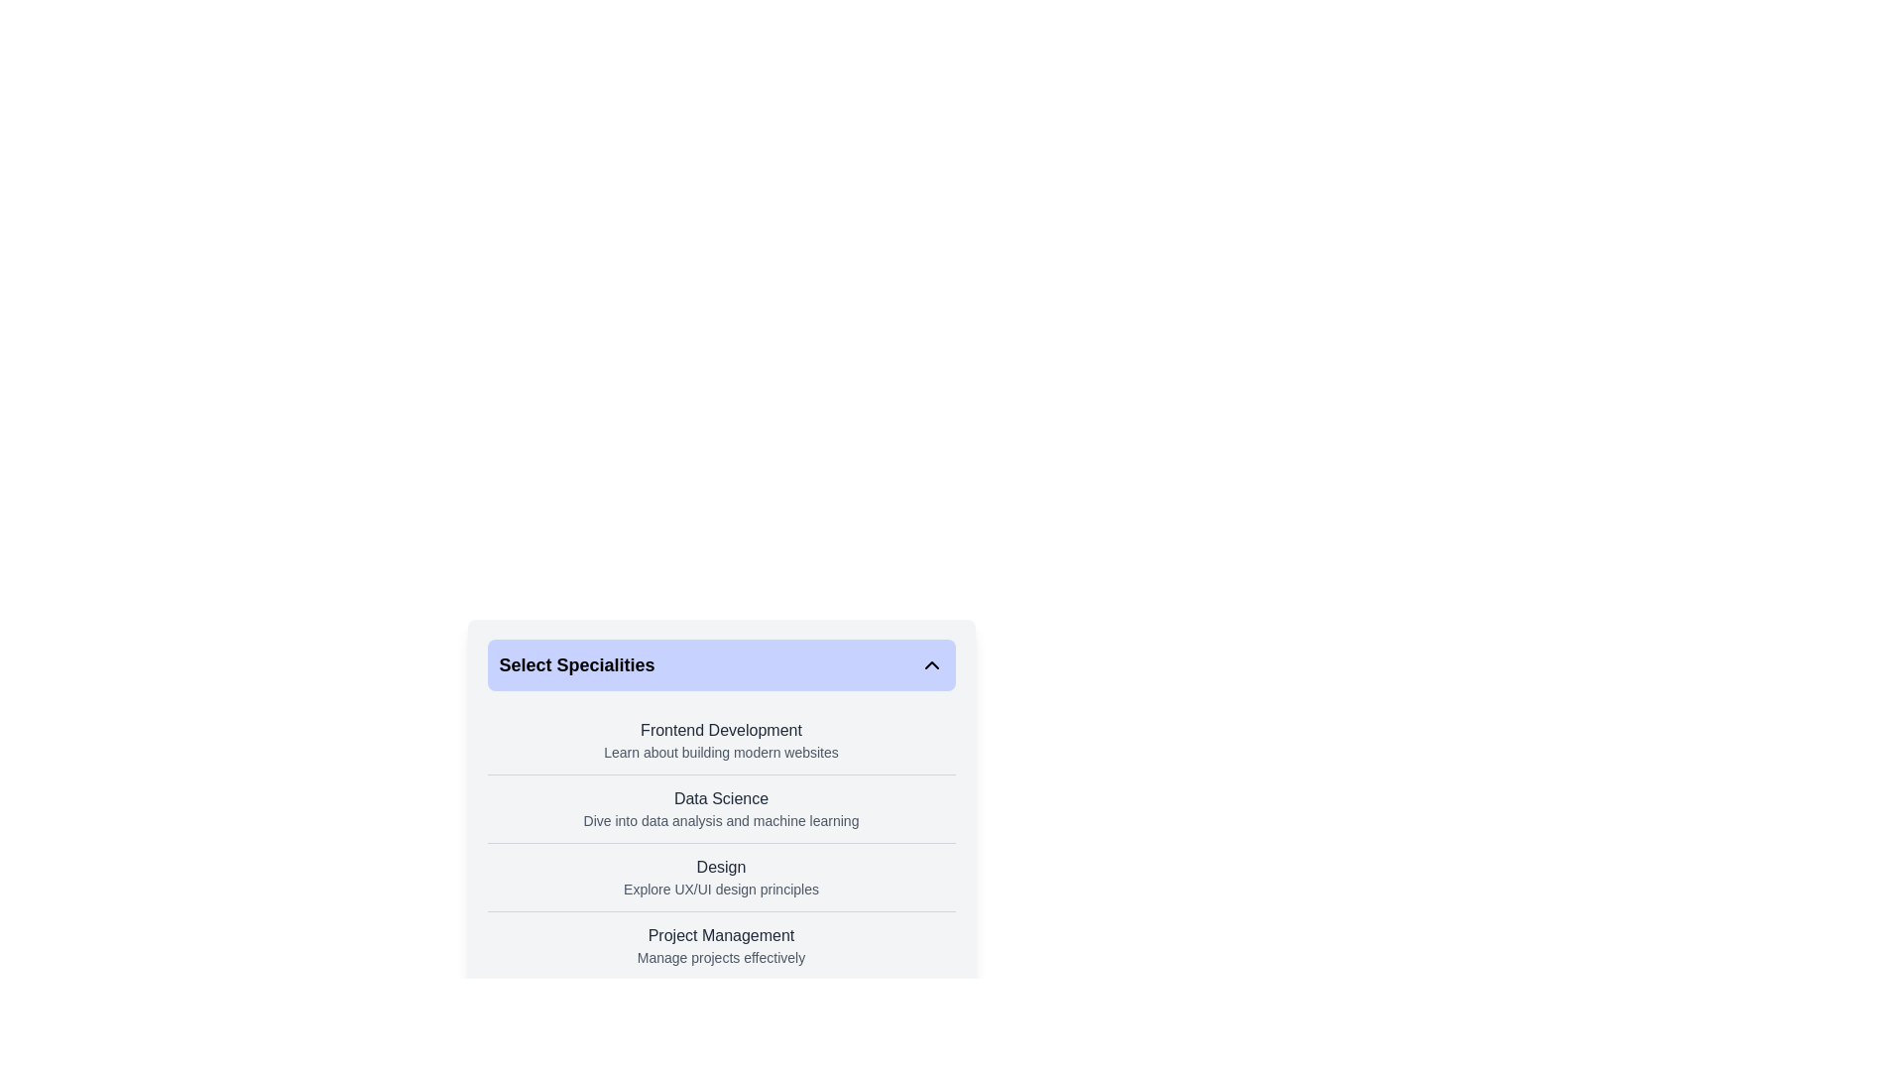 This screenshot has width=1904, height=1071. Describe the element at coordinates (720, 808) in the screenshot. I see `the second card in the list related to 'Data Science'` at that location.